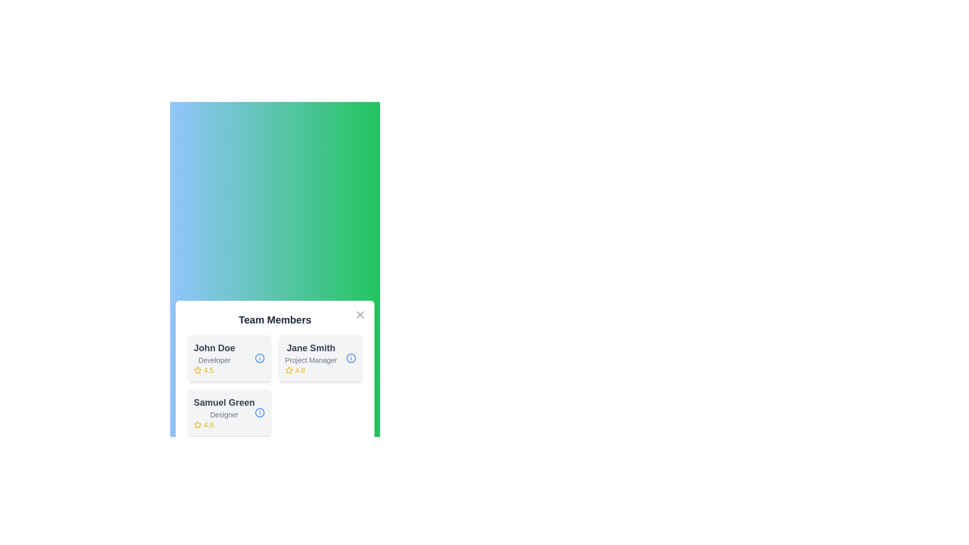 The image size is (969, 545). Describe the element at coordinates (229, 412) in the screenshot. I see `the profile card of Samuel Green` at that location.